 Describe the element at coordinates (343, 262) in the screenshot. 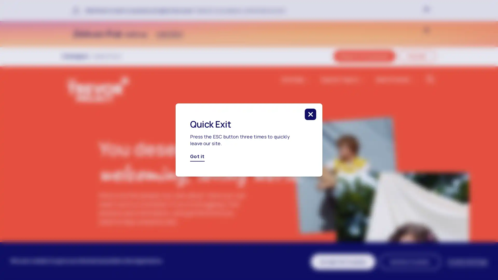

I see `Accept All Cookies` at that location.